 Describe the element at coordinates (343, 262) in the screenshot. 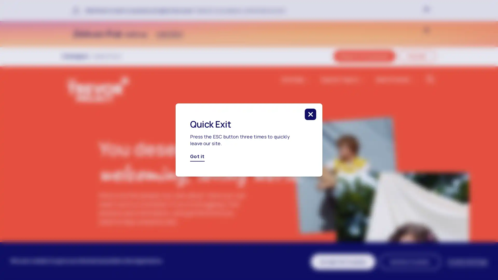

I see `Accept All Cookies` at that location.